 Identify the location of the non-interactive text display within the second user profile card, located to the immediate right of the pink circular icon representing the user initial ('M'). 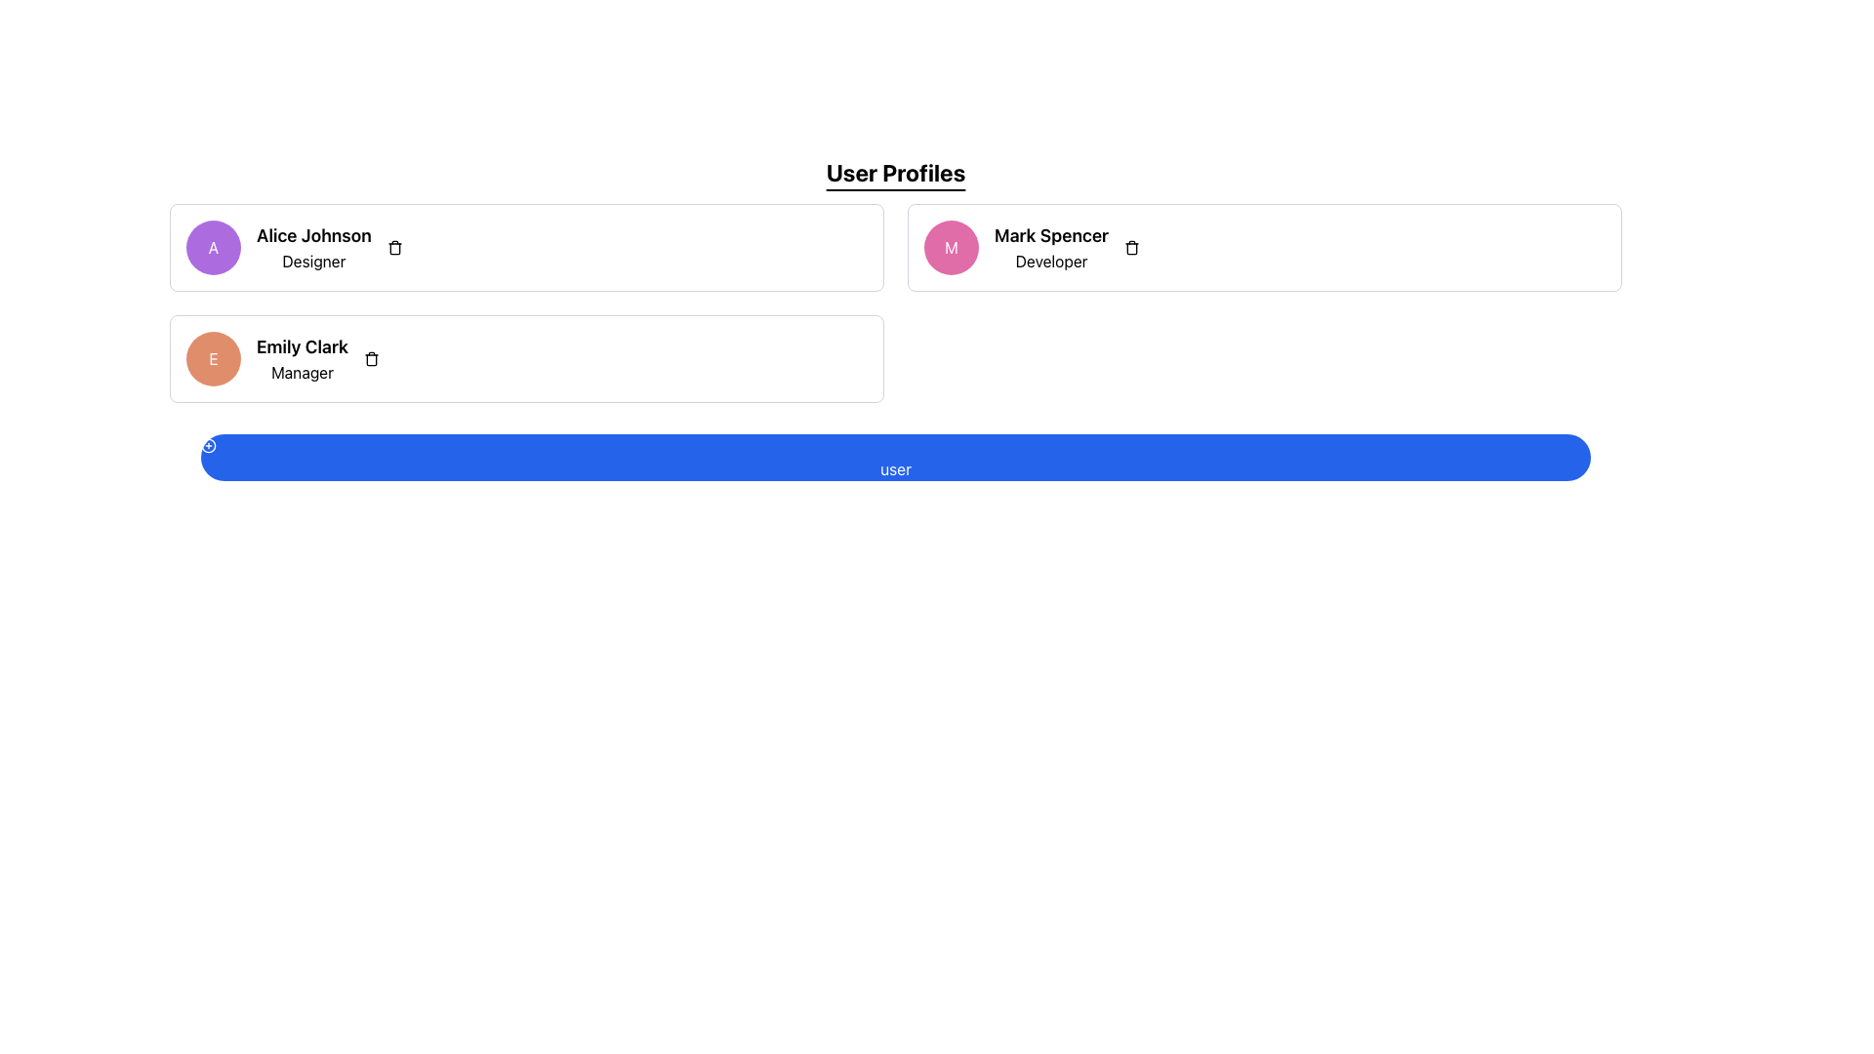
(1050, 247).